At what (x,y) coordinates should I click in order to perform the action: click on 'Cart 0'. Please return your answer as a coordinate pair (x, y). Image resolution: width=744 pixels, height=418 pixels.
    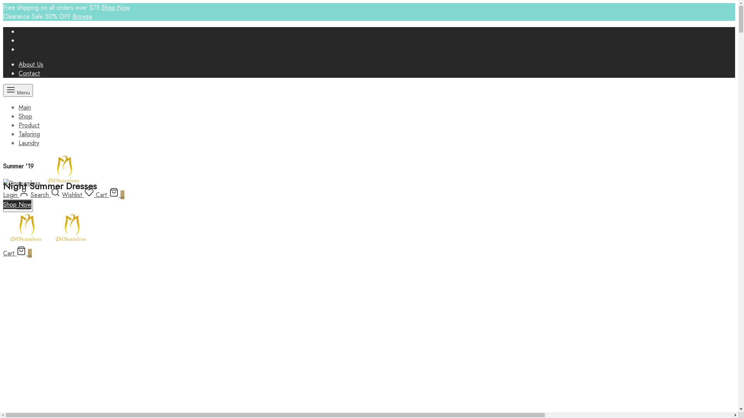
    Looking at the image, I should click on (109, 194).